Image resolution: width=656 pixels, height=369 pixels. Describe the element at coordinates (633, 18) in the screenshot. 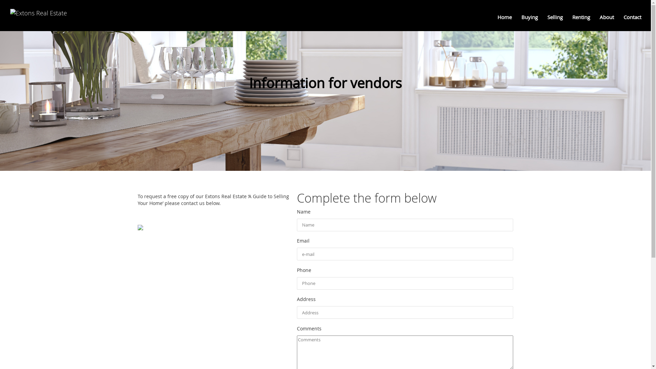

I see `'Contact  '` at that location.